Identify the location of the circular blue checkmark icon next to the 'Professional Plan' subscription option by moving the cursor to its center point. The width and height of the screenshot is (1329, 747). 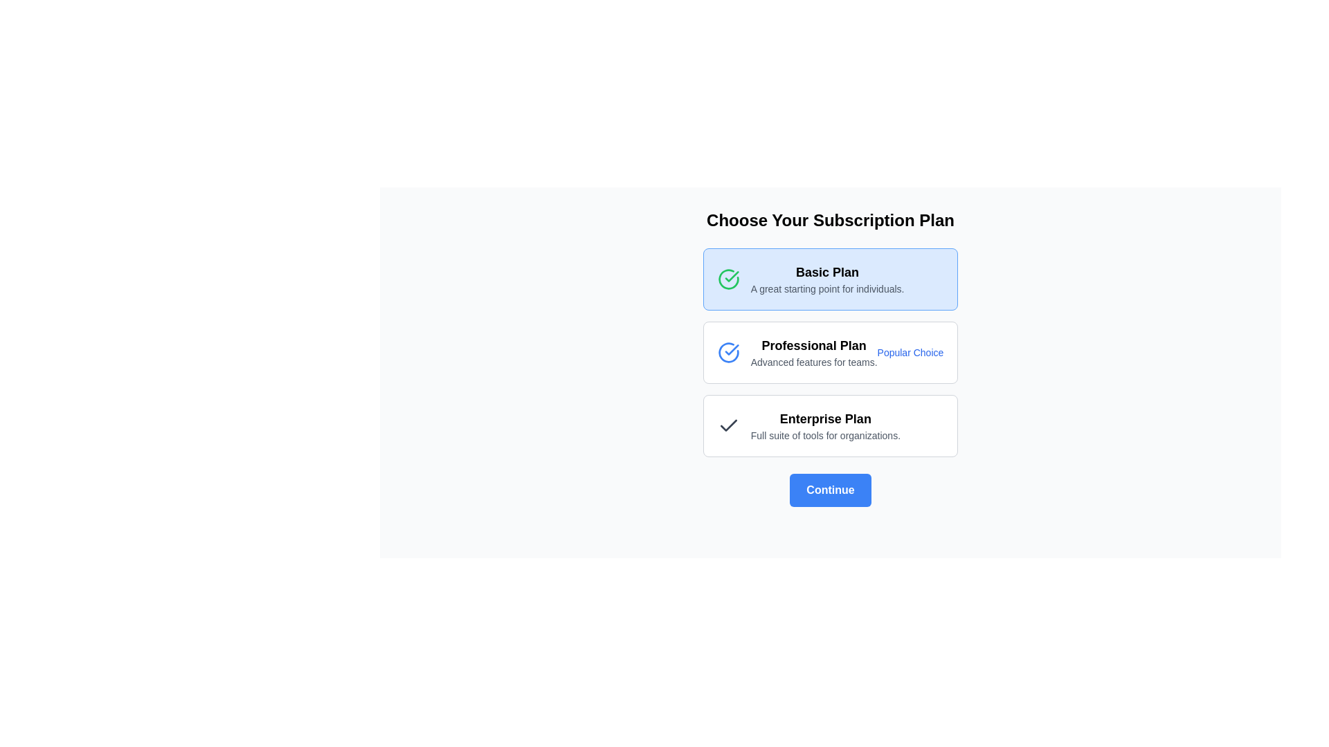
(727, 351).